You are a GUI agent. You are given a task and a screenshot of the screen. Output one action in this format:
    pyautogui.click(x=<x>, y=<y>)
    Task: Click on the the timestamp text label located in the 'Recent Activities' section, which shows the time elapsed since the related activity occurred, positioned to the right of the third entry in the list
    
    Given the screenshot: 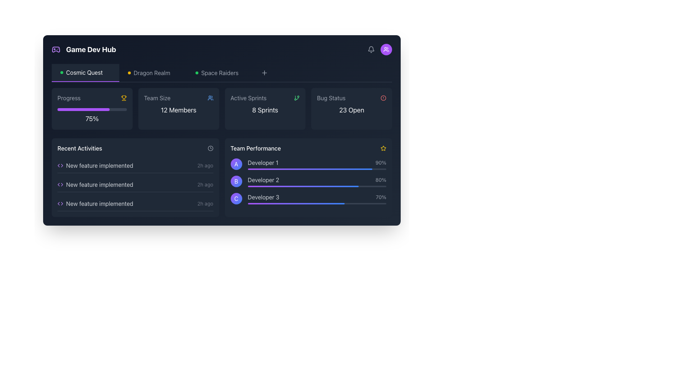 What is the action you would take?
    pyautogui.click(x=205, y=204)
    